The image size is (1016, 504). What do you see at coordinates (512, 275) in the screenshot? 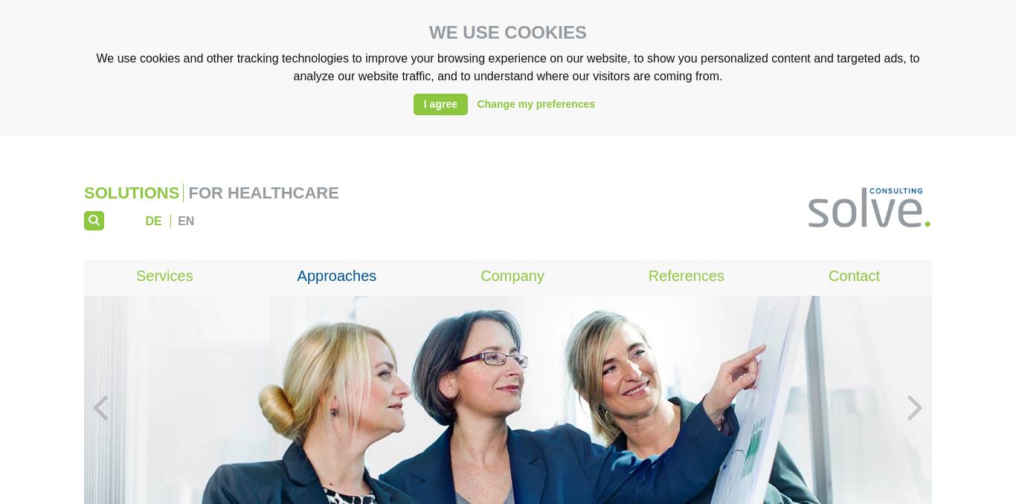
I see `'Company'` at bounding box center [512, 275].